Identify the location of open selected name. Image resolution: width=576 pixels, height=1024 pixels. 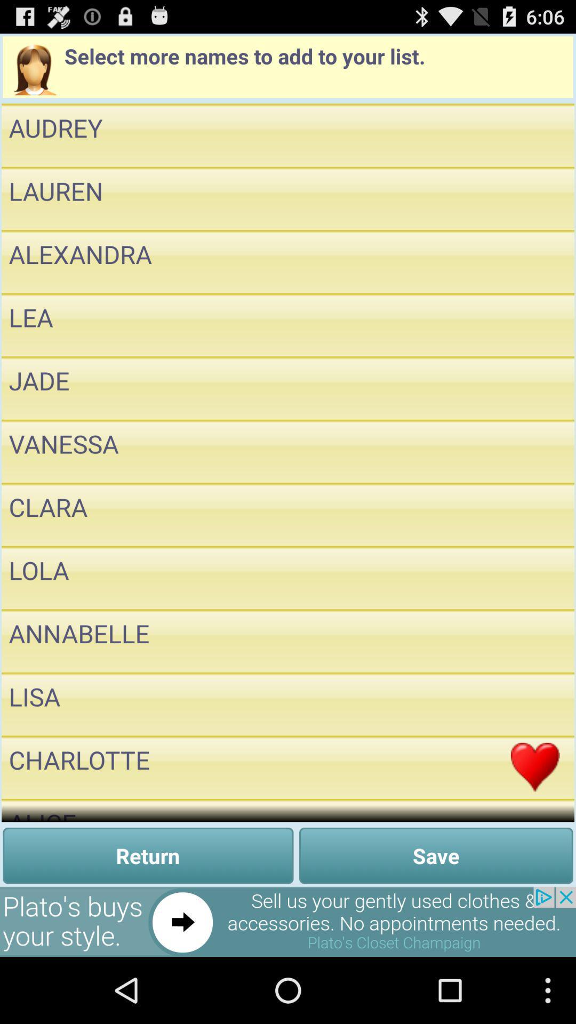
(535, 577).